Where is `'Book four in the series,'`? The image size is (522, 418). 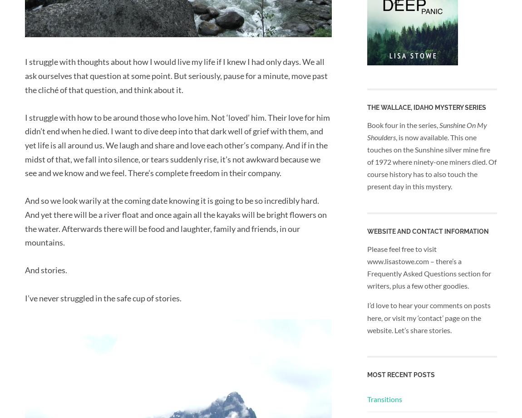
'Book four in the series,' is located at coordinates (403, 124).